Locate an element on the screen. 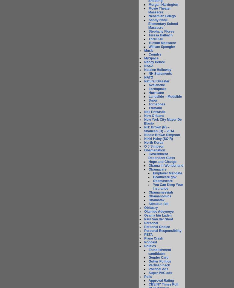 The image size is (234, 288). 'Nehemiah Griego' is located at coordinates (149, 16).